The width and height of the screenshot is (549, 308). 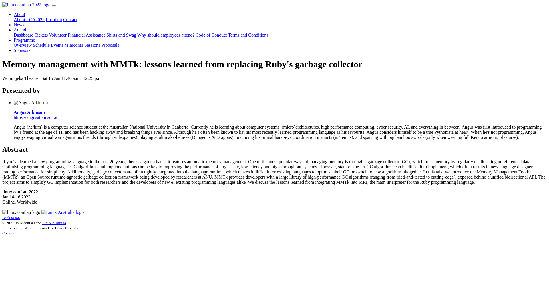 What do you see at coordinates (23, 45) in the screenshot?
I see `'Overview'` at bounding box center [23, 45].